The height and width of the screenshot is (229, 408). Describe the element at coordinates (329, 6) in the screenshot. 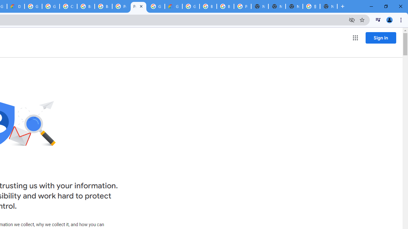

I see `'New Tab'` at that location.